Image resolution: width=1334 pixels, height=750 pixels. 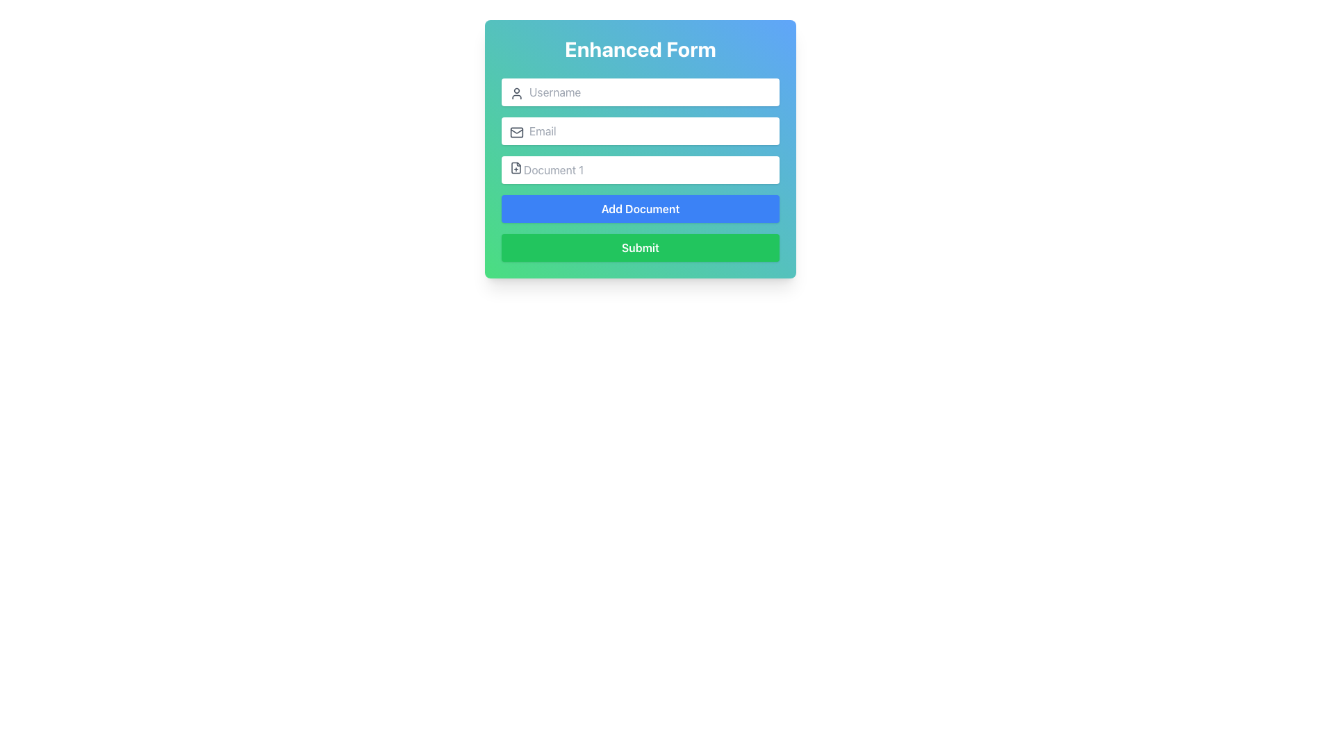 What do you see at coordinates (516, 133) in the screenshot?
I see `the email input icon located to the left of the 'Email' text field within the form card, positioned above the 'Document 1' input field and below the 'Username' field` at bounding box center [516, 133].